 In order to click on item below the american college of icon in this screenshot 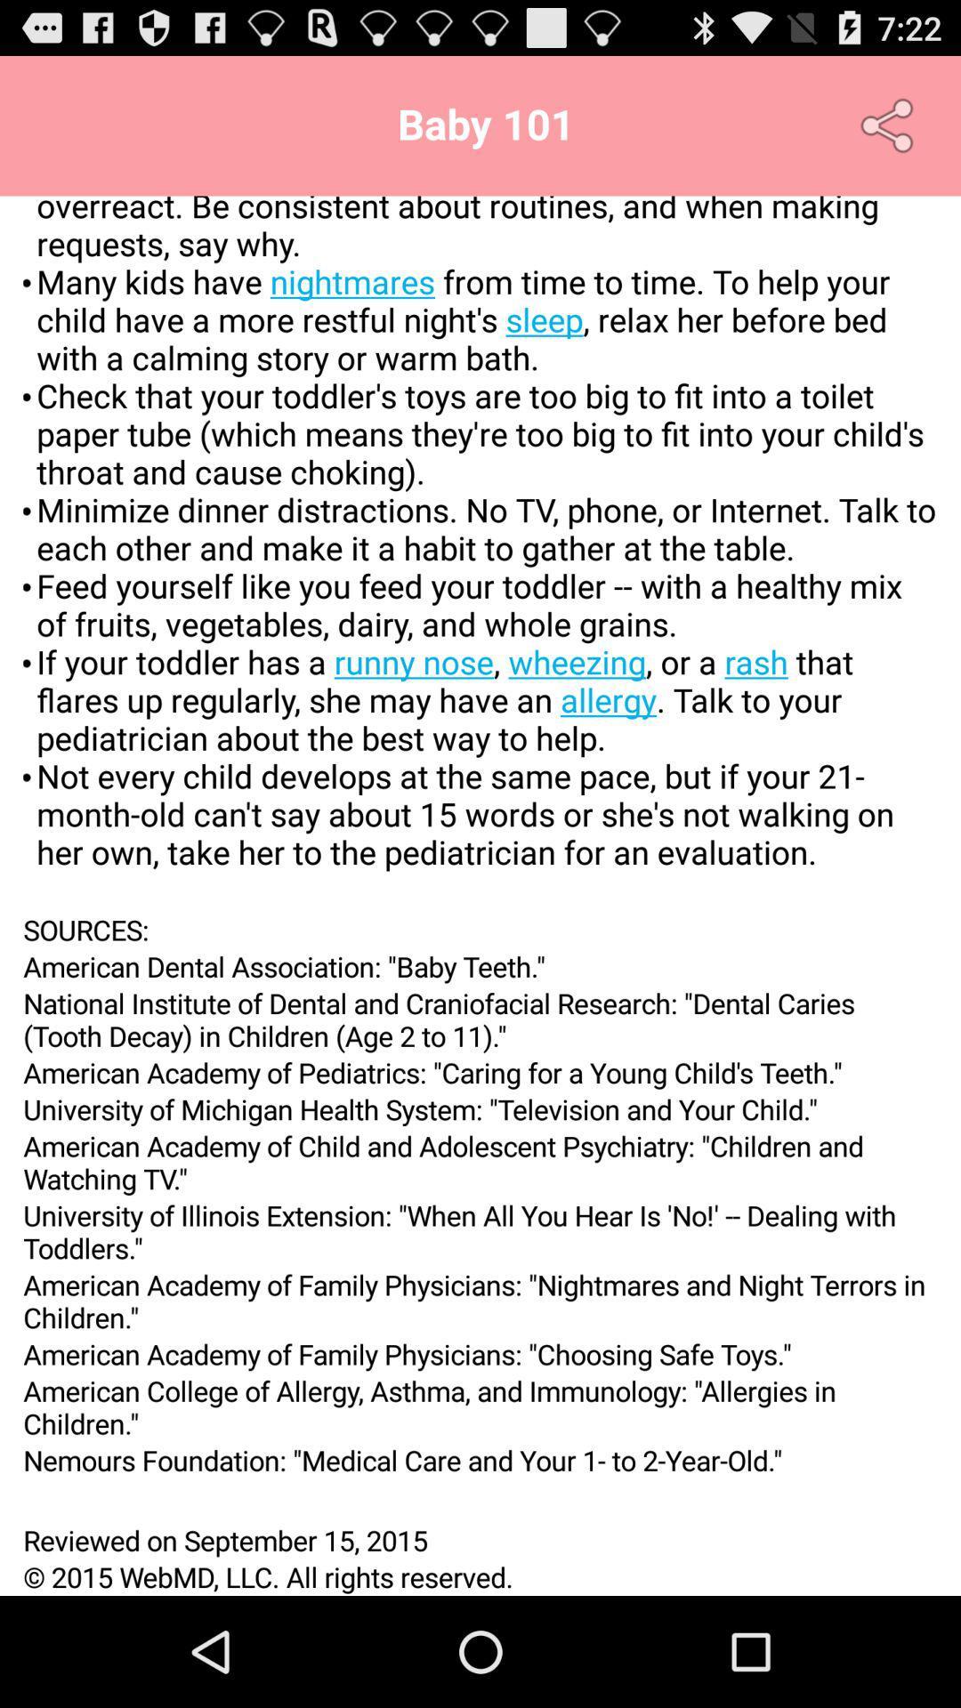, I will do `click(480, 1460)`.